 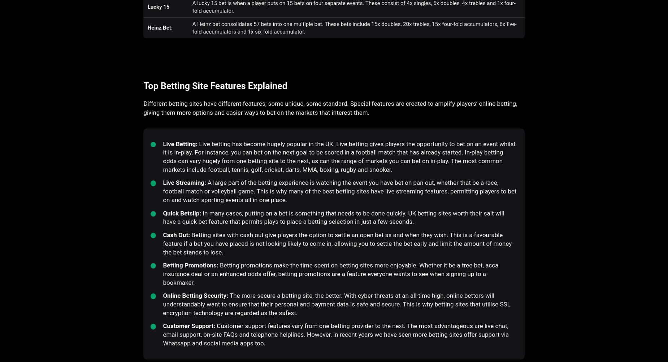 I want to click on 'Online Betting Security:', so click(x=162, y=296).